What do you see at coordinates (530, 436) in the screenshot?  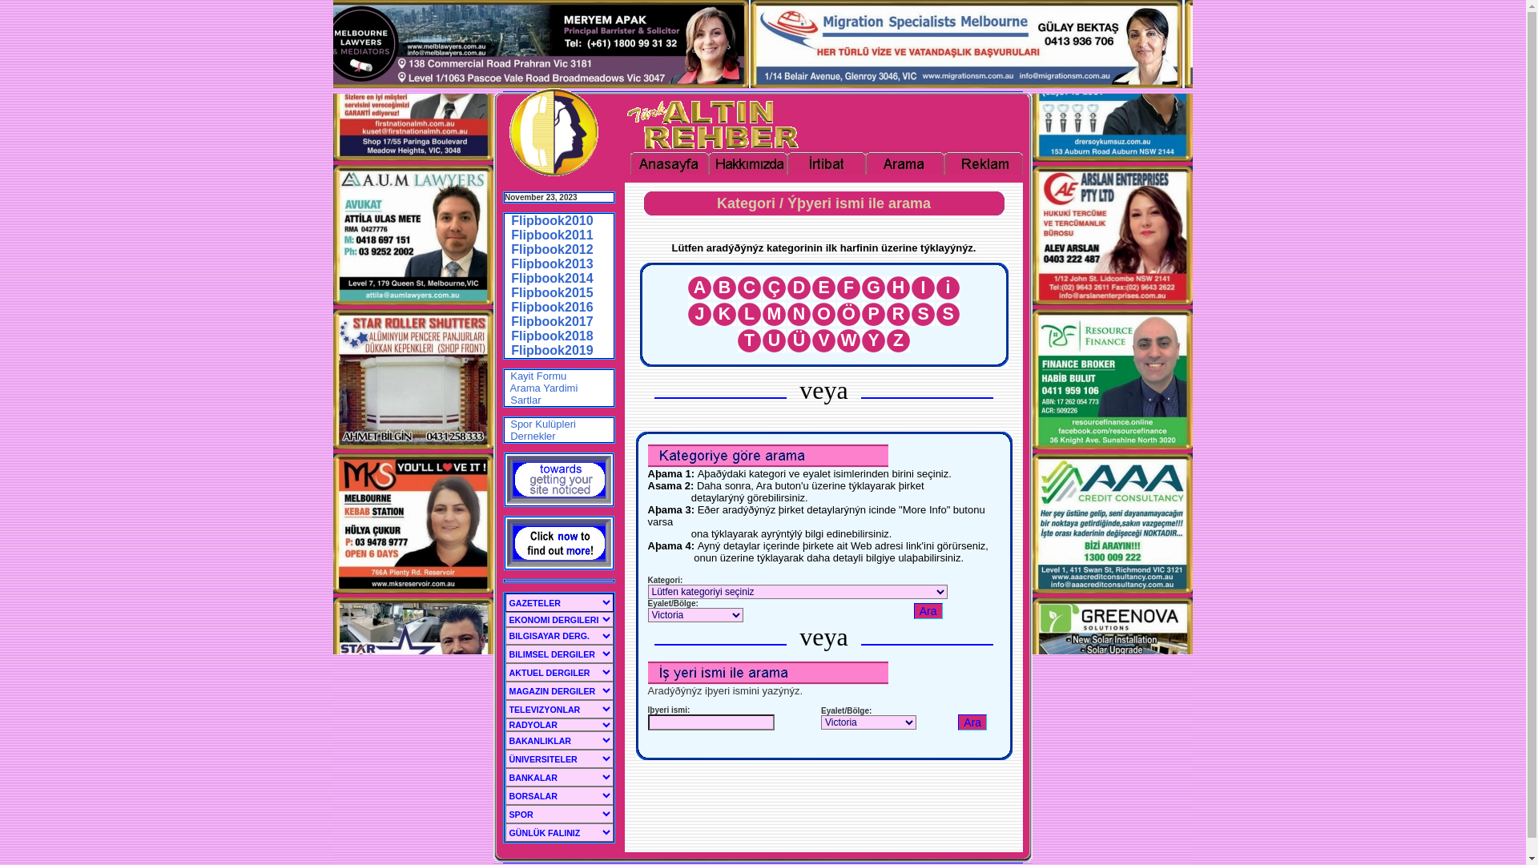 I see `'  Dernekler'` at bounding box center [530, 436].